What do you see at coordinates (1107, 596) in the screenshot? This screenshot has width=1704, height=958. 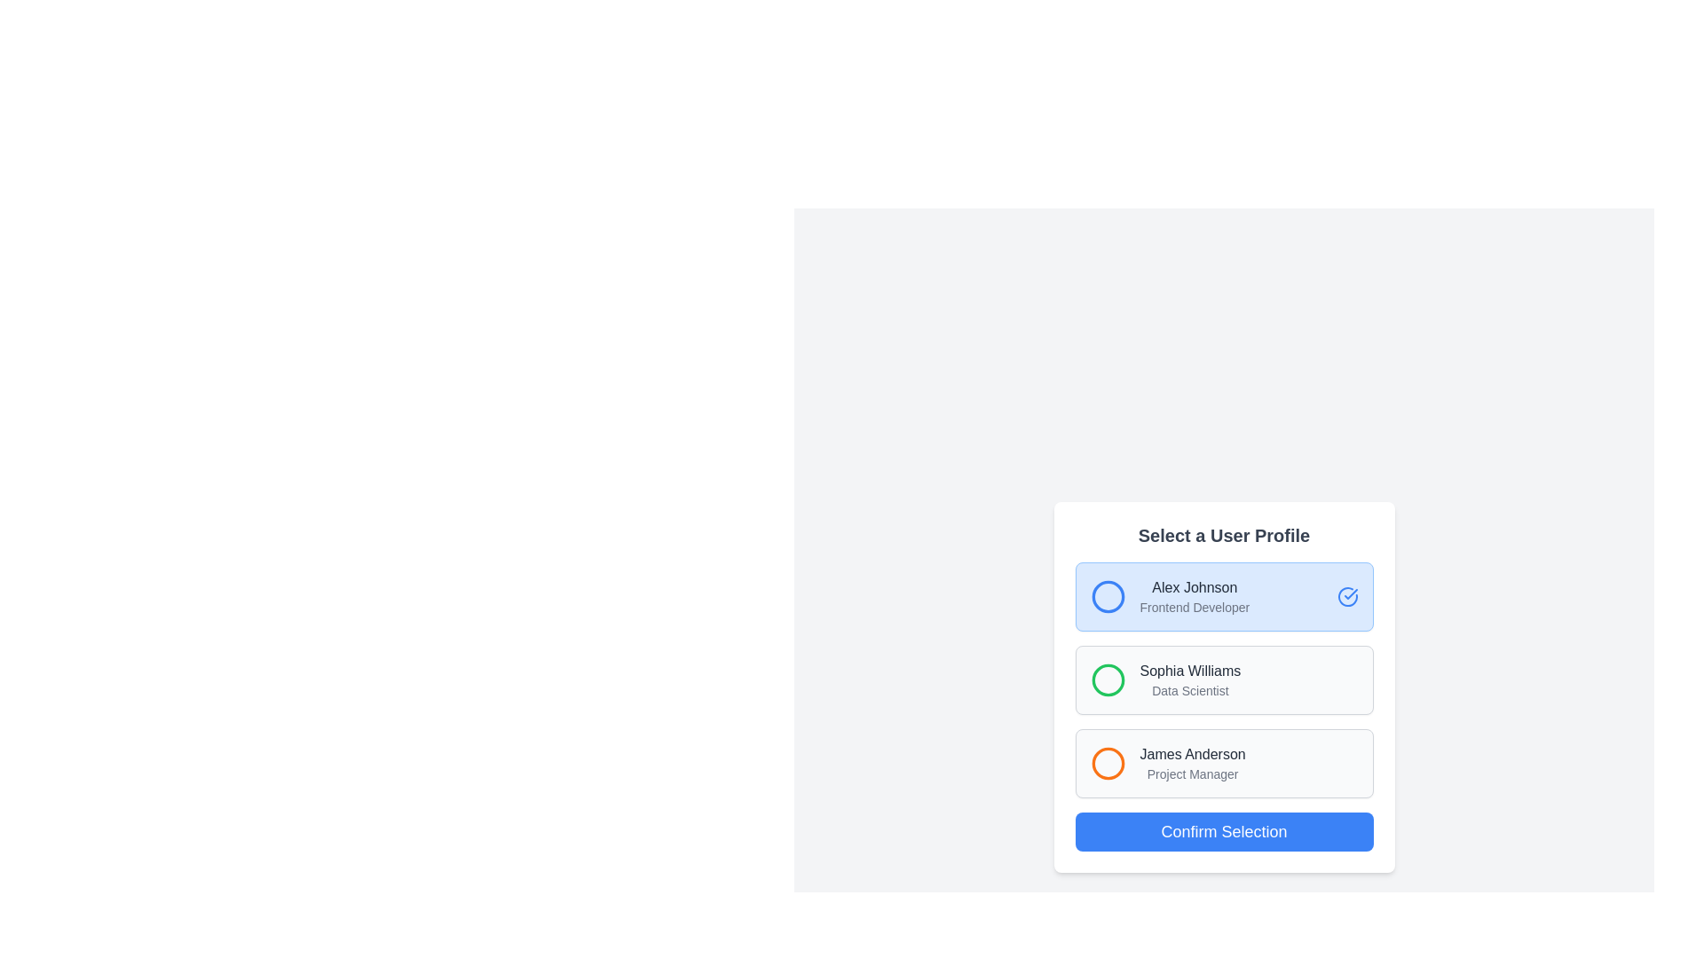 I see `the circular icon located to the left of the text 'Alex Johnson' and 'Frontend Developer' within the user profile card` at bounding box center [1107, 596].